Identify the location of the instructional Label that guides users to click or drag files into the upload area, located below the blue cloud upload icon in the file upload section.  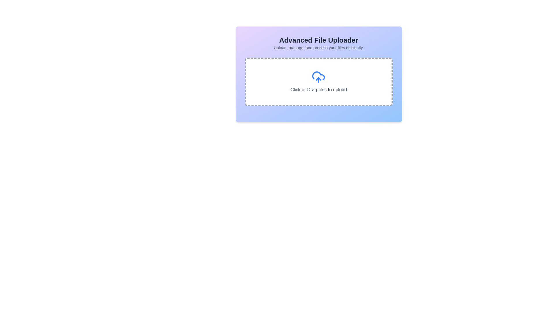
(318, 90).